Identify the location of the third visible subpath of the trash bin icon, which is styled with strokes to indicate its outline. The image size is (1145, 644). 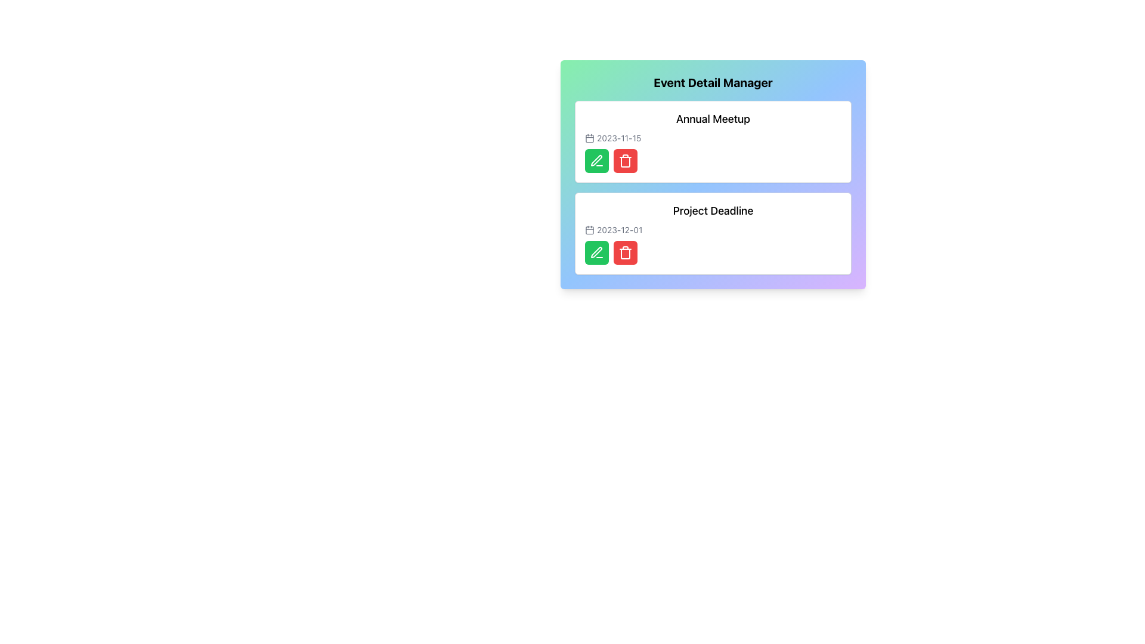
(625, 162).